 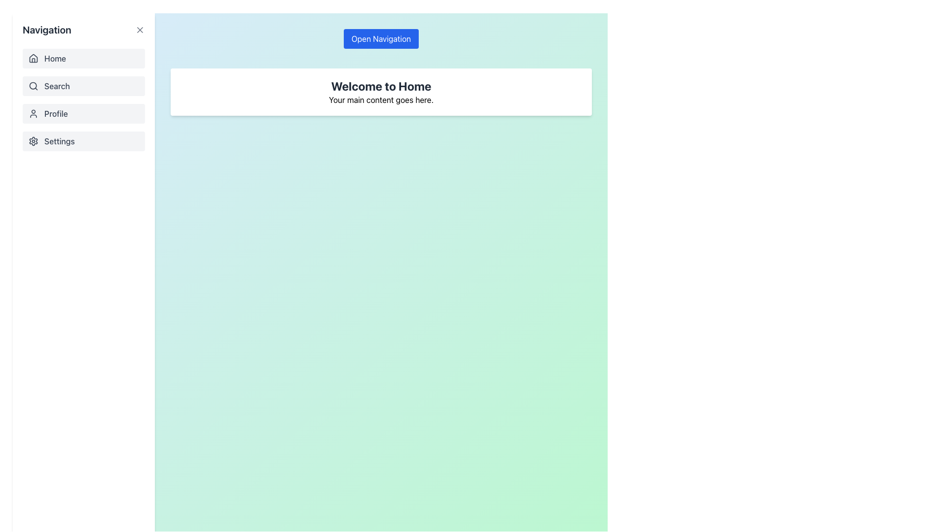 I want to click on the close button located in the top-right corner of the navigation bar to change its color, so click(x=139, y=30).